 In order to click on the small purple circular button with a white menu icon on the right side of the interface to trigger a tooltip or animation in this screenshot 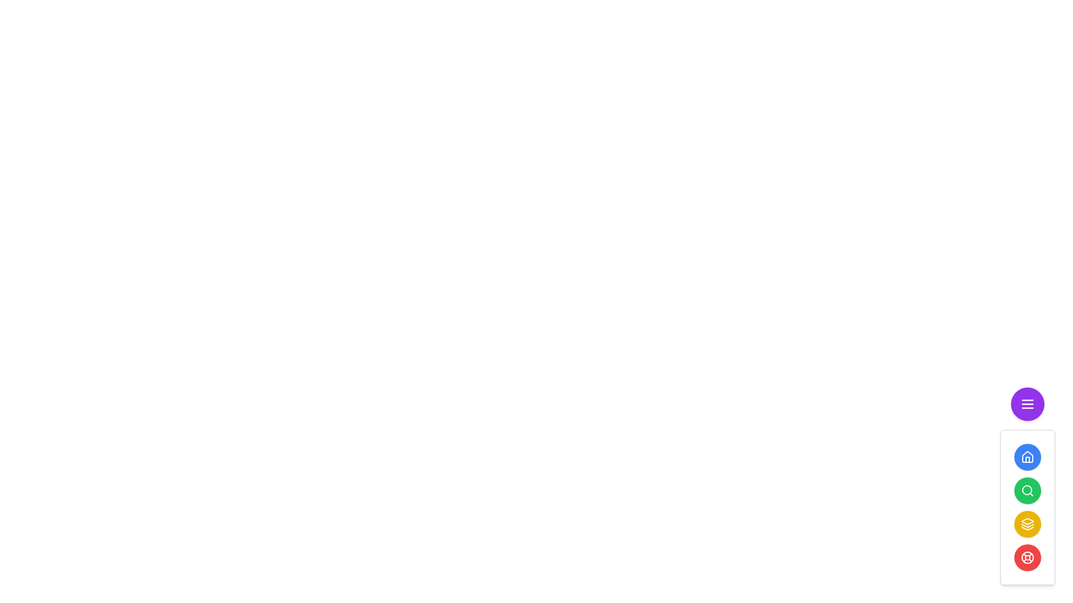, I will do `click(1027, 404)`.